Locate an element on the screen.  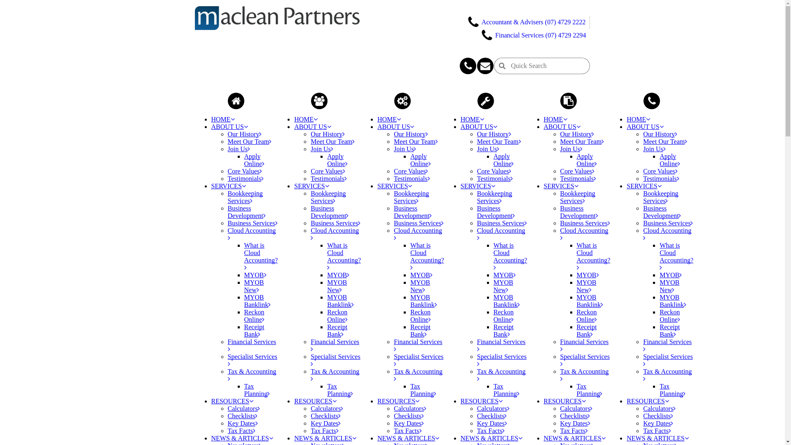
'Reckon Online' is located at coordinates (670, 315).